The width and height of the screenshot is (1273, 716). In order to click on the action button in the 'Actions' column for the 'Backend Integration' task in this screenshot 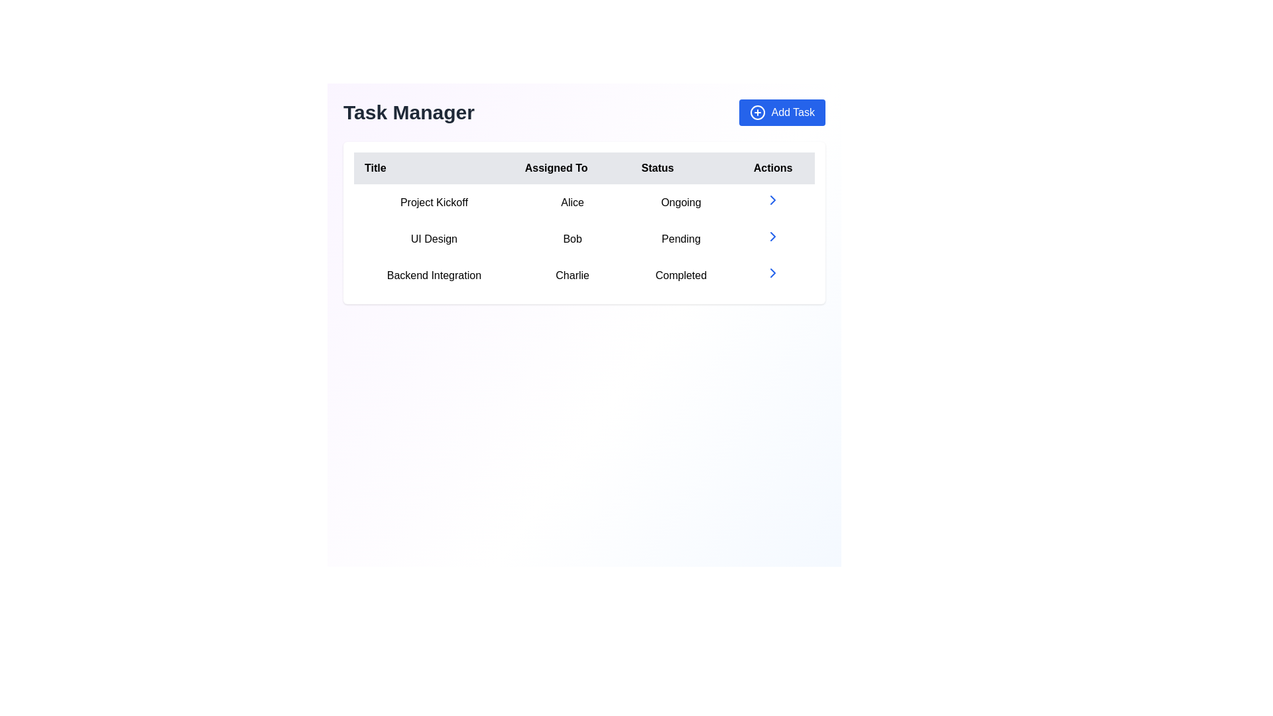, I will do `click(773, 272)`.